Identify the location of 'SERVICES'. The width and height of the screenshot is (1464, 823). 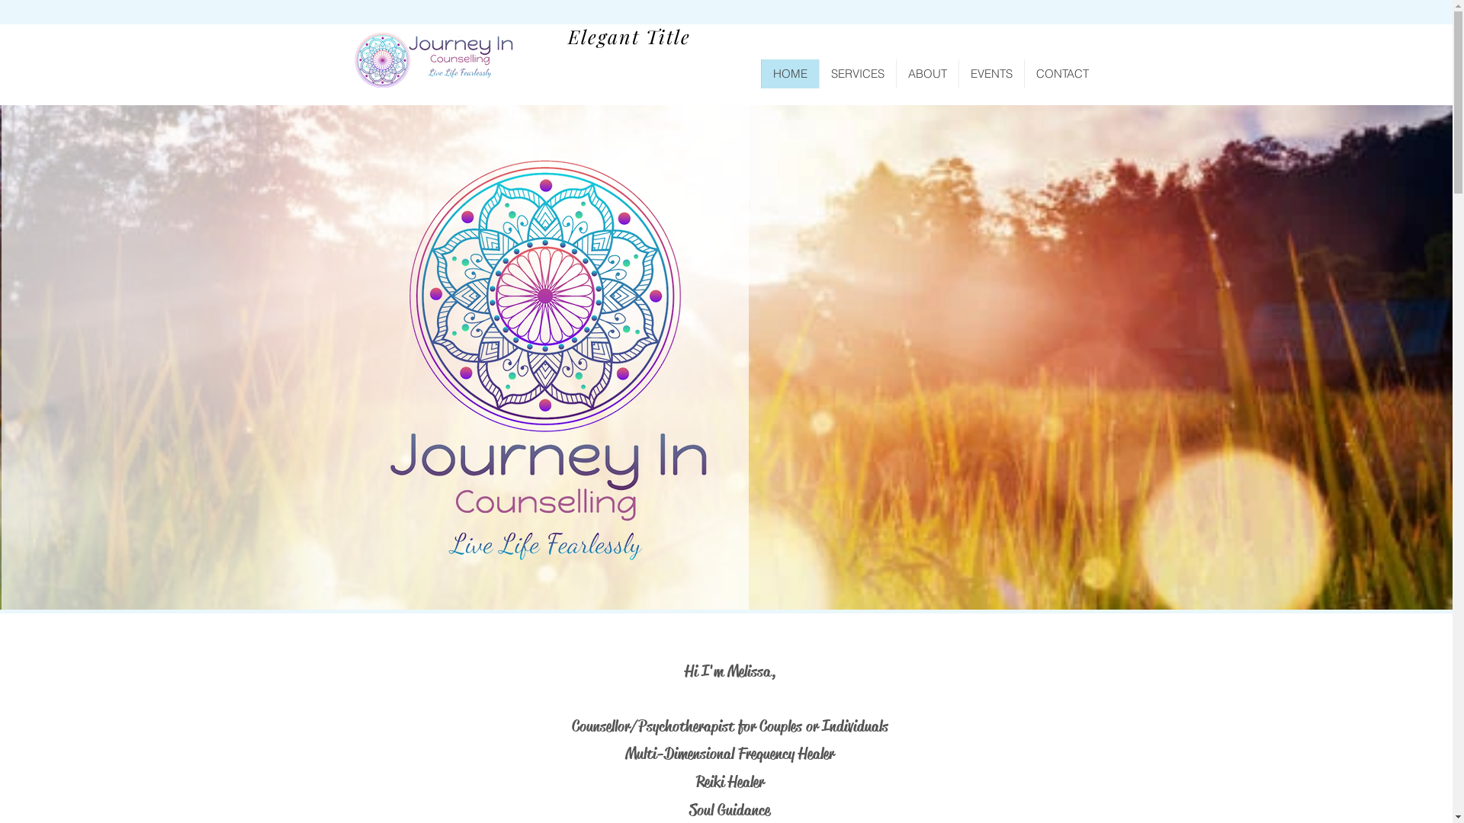
(857, 73).